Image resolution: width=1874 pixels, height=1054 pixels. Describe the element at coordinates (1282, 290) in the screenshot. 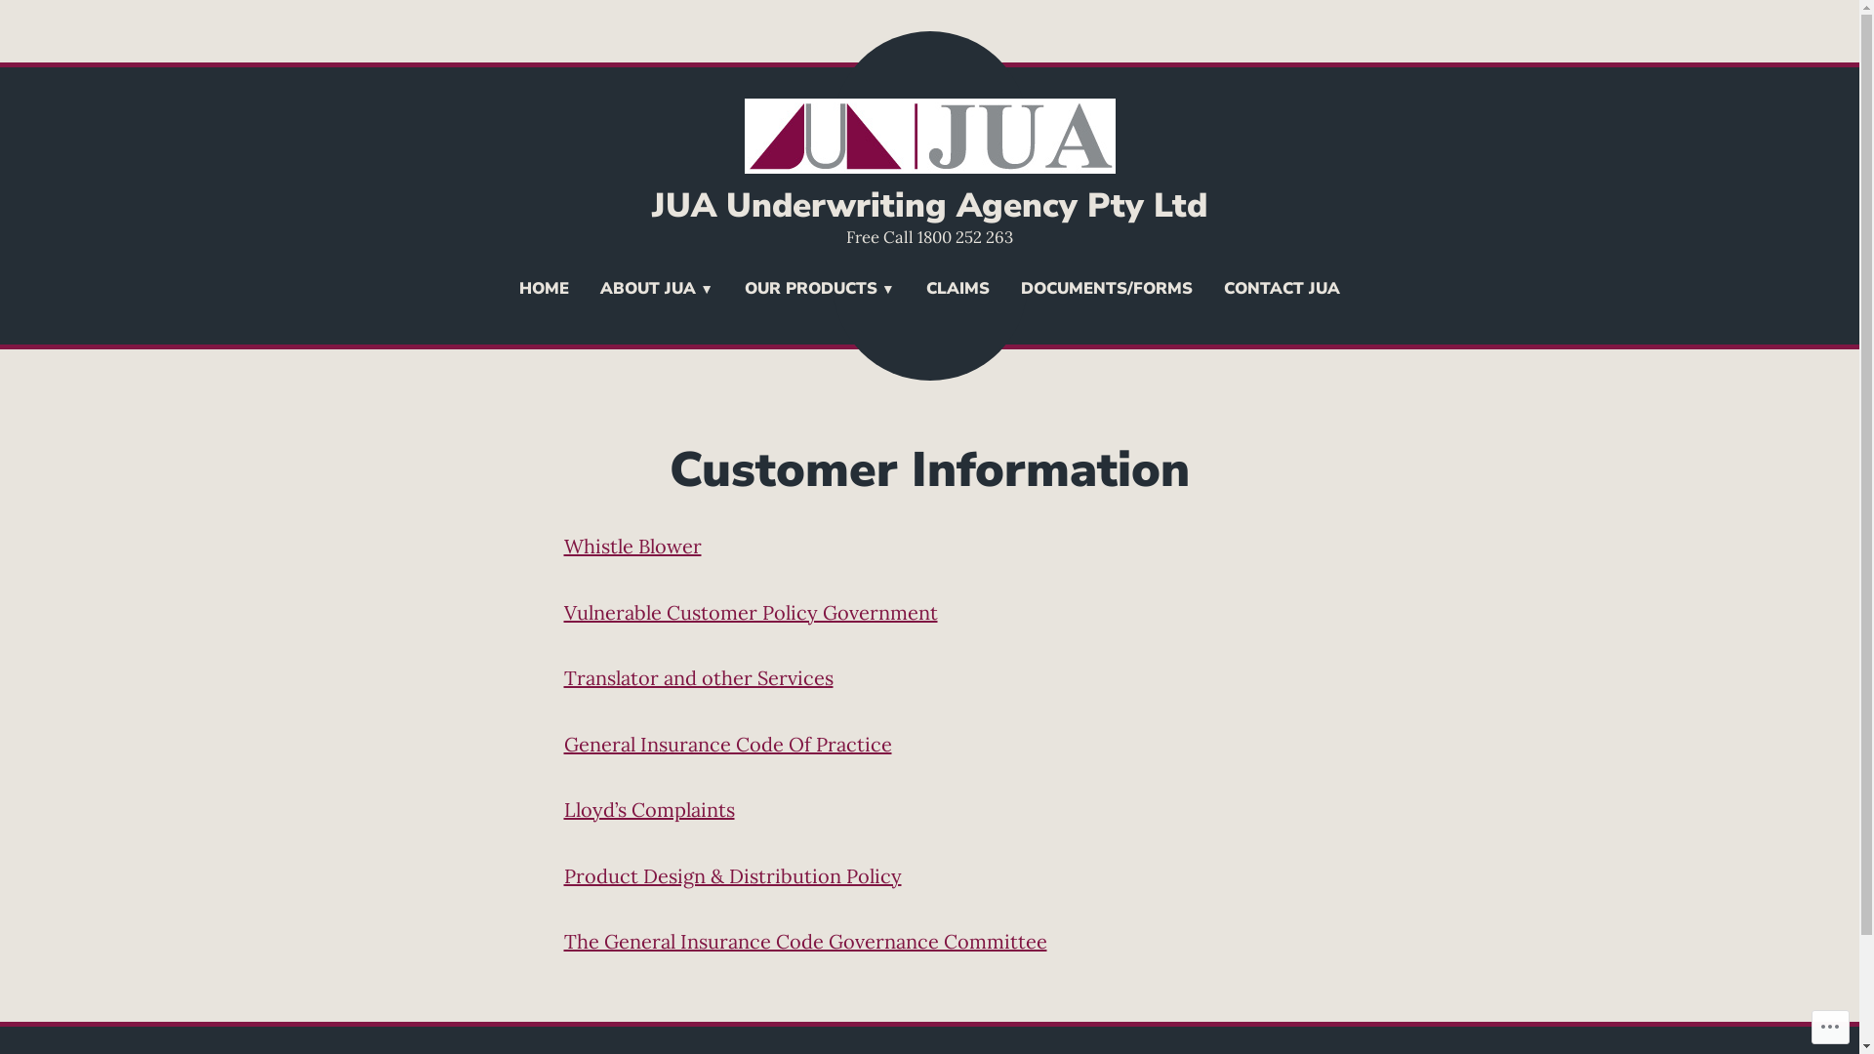

I see `'CONTACT JUA'` at that location.